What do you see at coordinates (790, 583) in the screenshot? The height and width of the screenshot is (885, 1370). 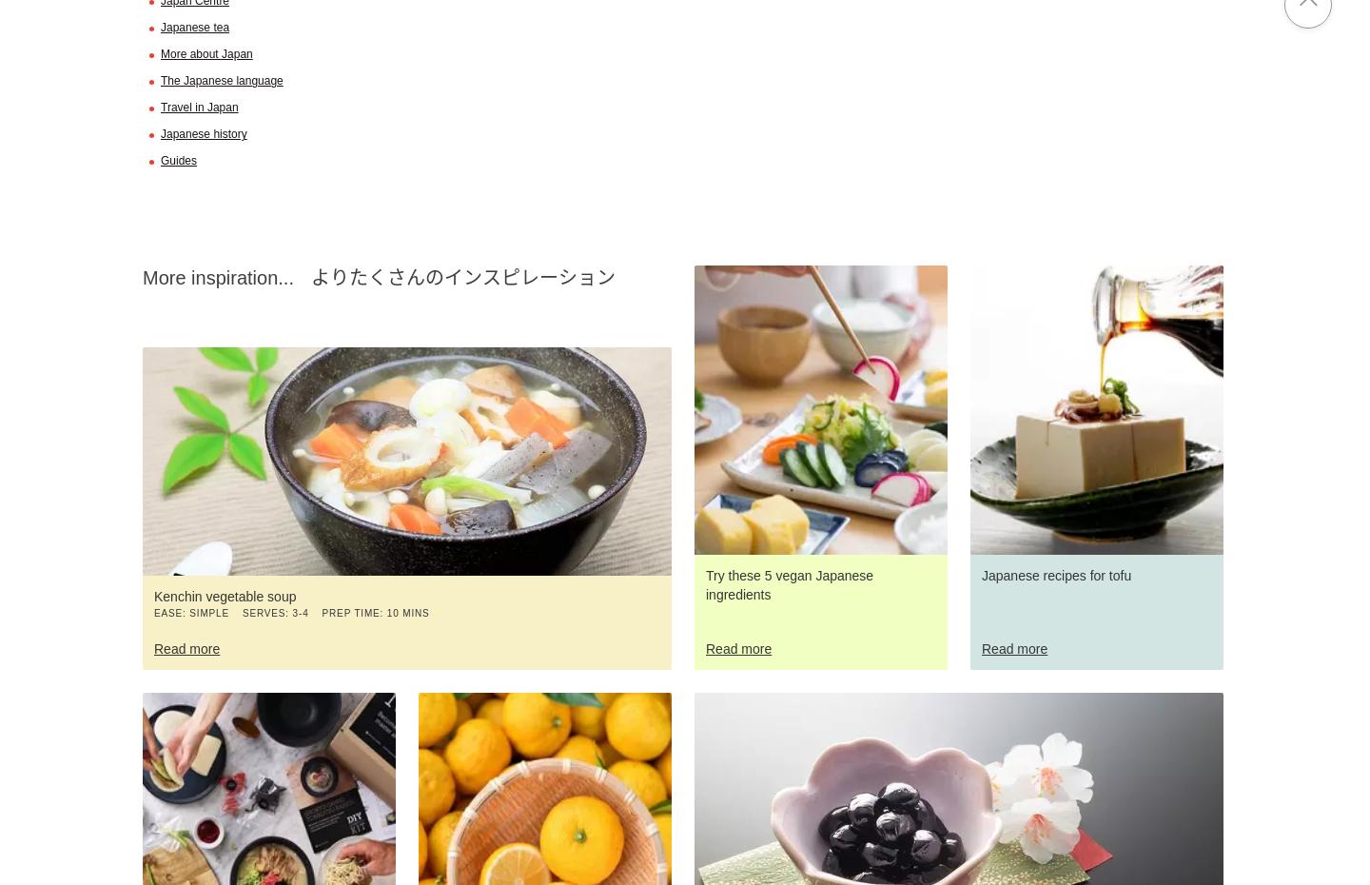 I see `'Try these 5 vegan Japanese ingredients'` at bounding box center [790, 583].